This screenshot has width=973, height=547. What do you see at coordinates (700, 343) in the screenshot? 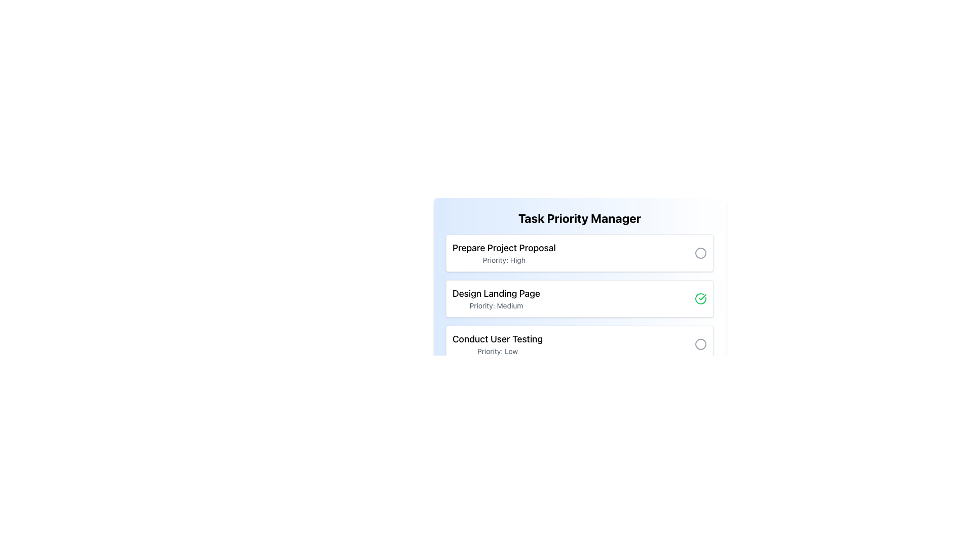
I see `the central circular graphical component within the SVG icon that is adjacent to the text 'Conduct User Testing'` at bounding box center [700, 343].